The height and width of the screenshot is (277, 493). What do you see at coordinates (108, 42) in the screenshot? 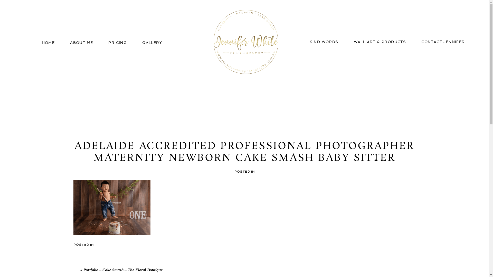
I see `'PRICING'` at bounding box center [108, 42].